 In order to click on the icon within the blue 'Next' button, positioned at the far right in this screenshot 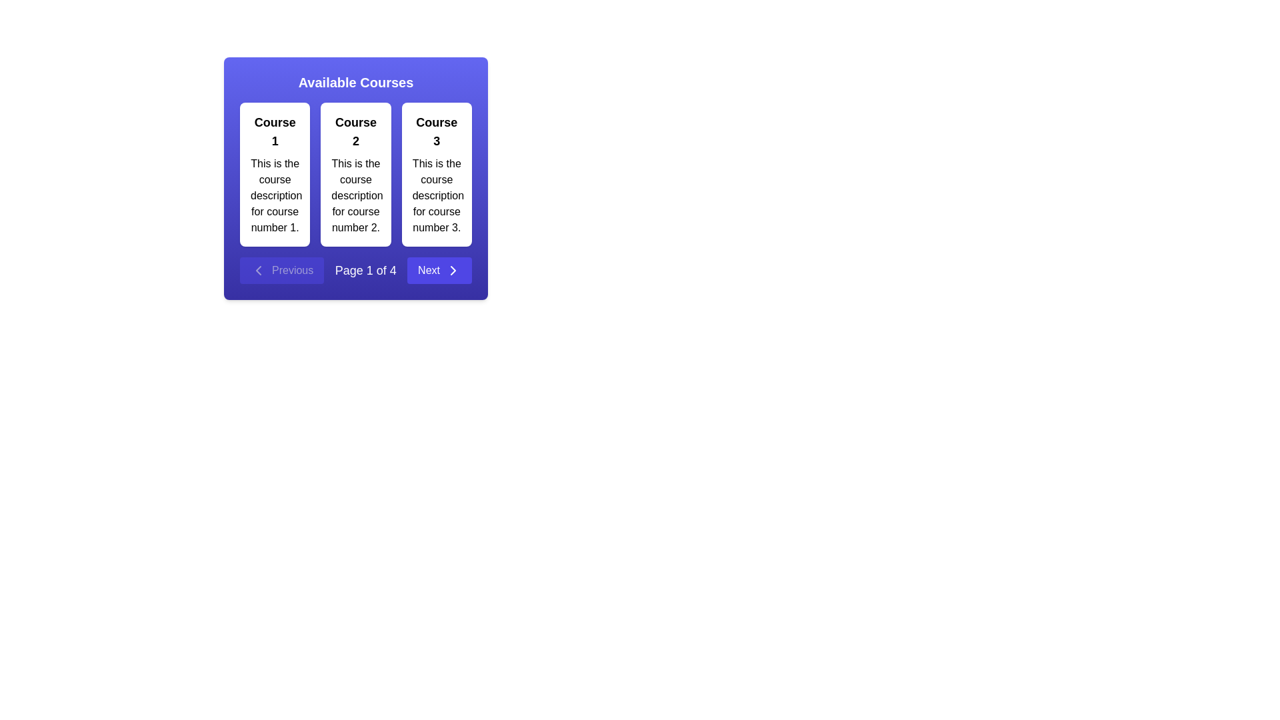, I will do `click(453, 270)`.